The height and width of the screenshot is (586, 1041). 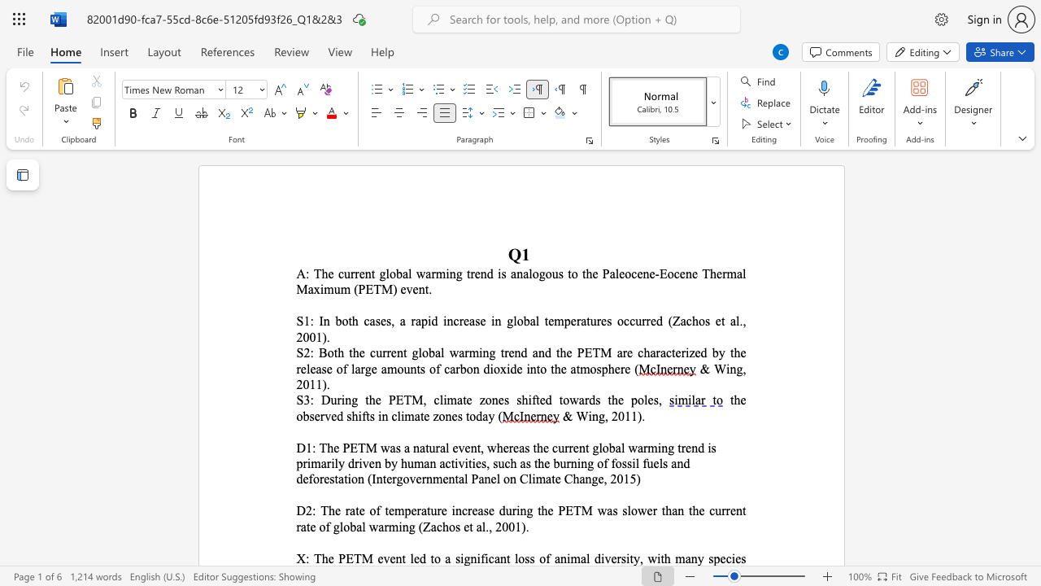 I want to click on the space between the continuous character "T" and "M" in the text, so click(x=365, y=448).